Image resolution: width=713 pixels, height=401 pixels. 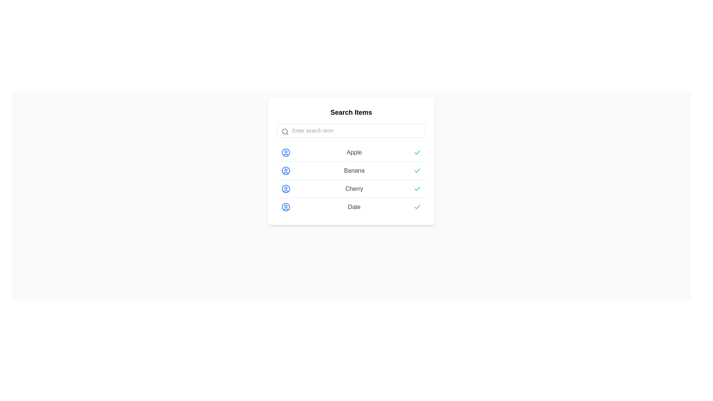 I want to click on the third item in the selectable list that displays 'Cherry', so click(x=351, y=188).